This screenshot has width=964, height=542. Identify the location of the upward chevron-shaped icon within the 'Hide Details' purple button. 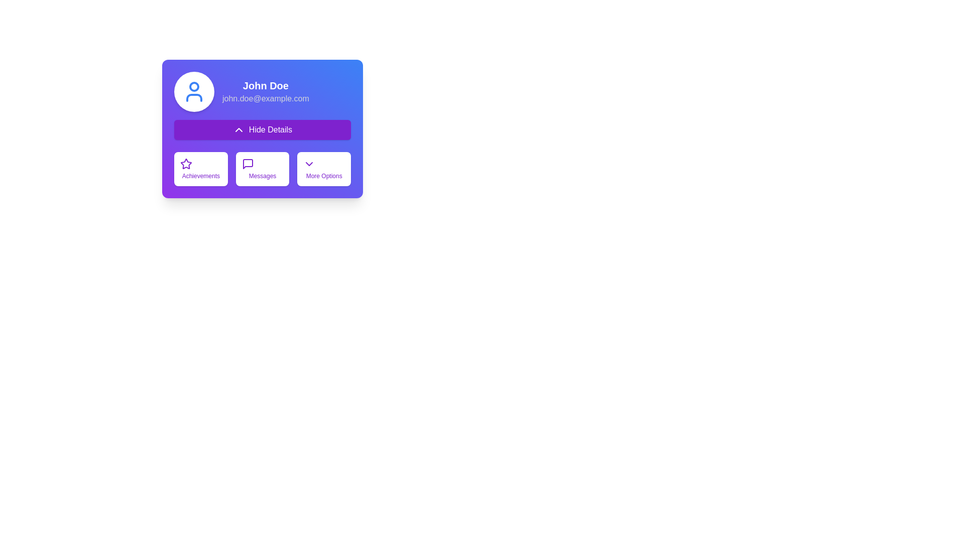
(238, 129).